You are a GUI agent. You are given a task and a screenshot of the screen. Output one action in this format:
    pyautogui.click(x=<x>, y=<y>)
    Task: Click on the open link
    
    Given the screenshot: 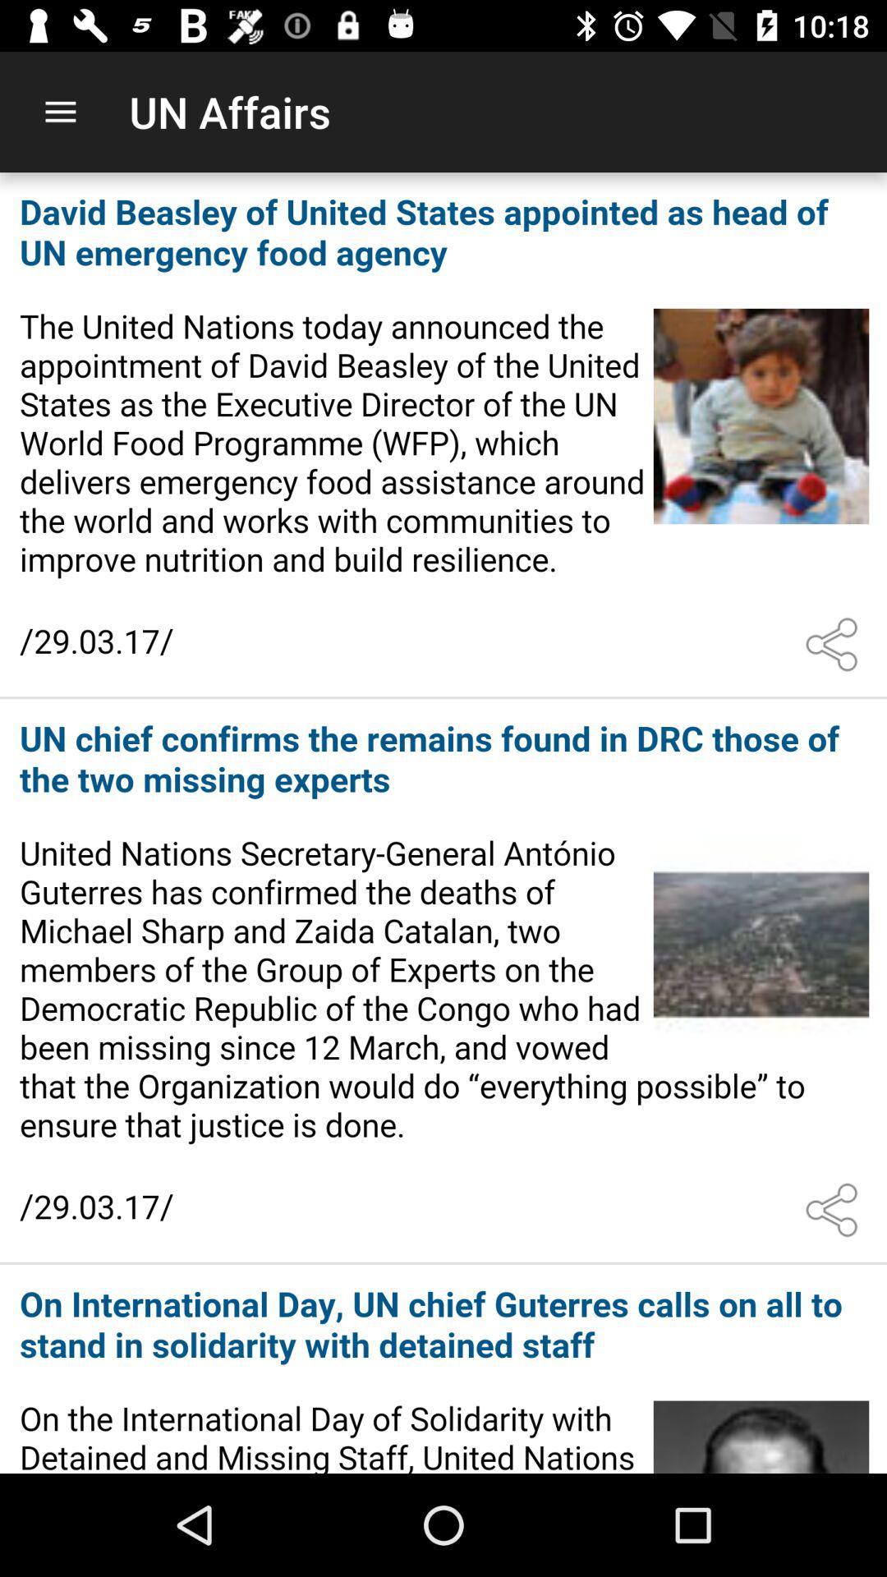 What is the action you would take?
    pyautogui.click(x=443, y=1370)
    